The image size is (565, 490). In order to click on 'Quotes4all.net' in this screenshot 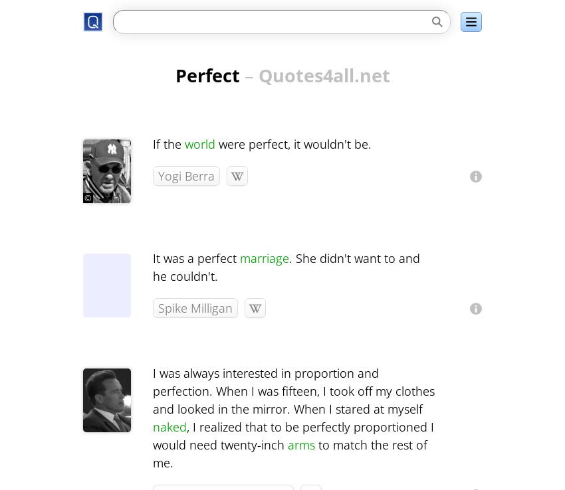, I will do `click(258, 75)`.